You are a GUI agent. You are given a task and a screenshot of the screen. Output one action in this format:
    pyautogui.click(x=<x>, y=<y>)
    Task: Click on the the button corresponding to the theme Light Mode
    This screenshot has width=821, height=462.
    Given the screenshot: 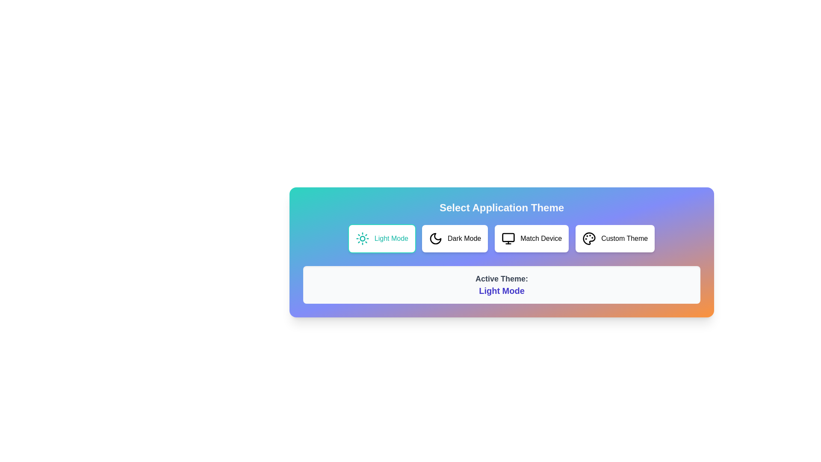 What is the action you would take?
    pyautogui.click(x=381, y=239)
    